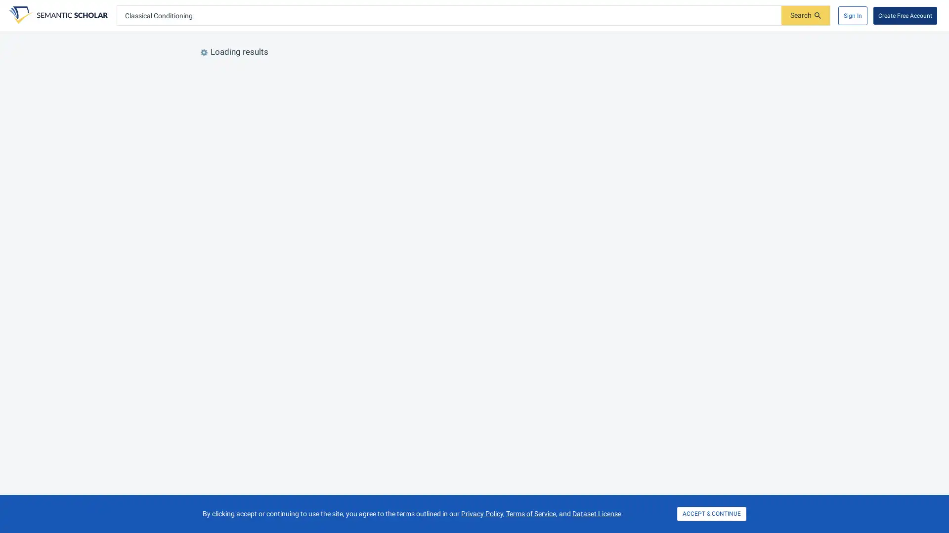 This screenshot has width=949, height=533. I want to click on Save to Library, so click(322, 270).